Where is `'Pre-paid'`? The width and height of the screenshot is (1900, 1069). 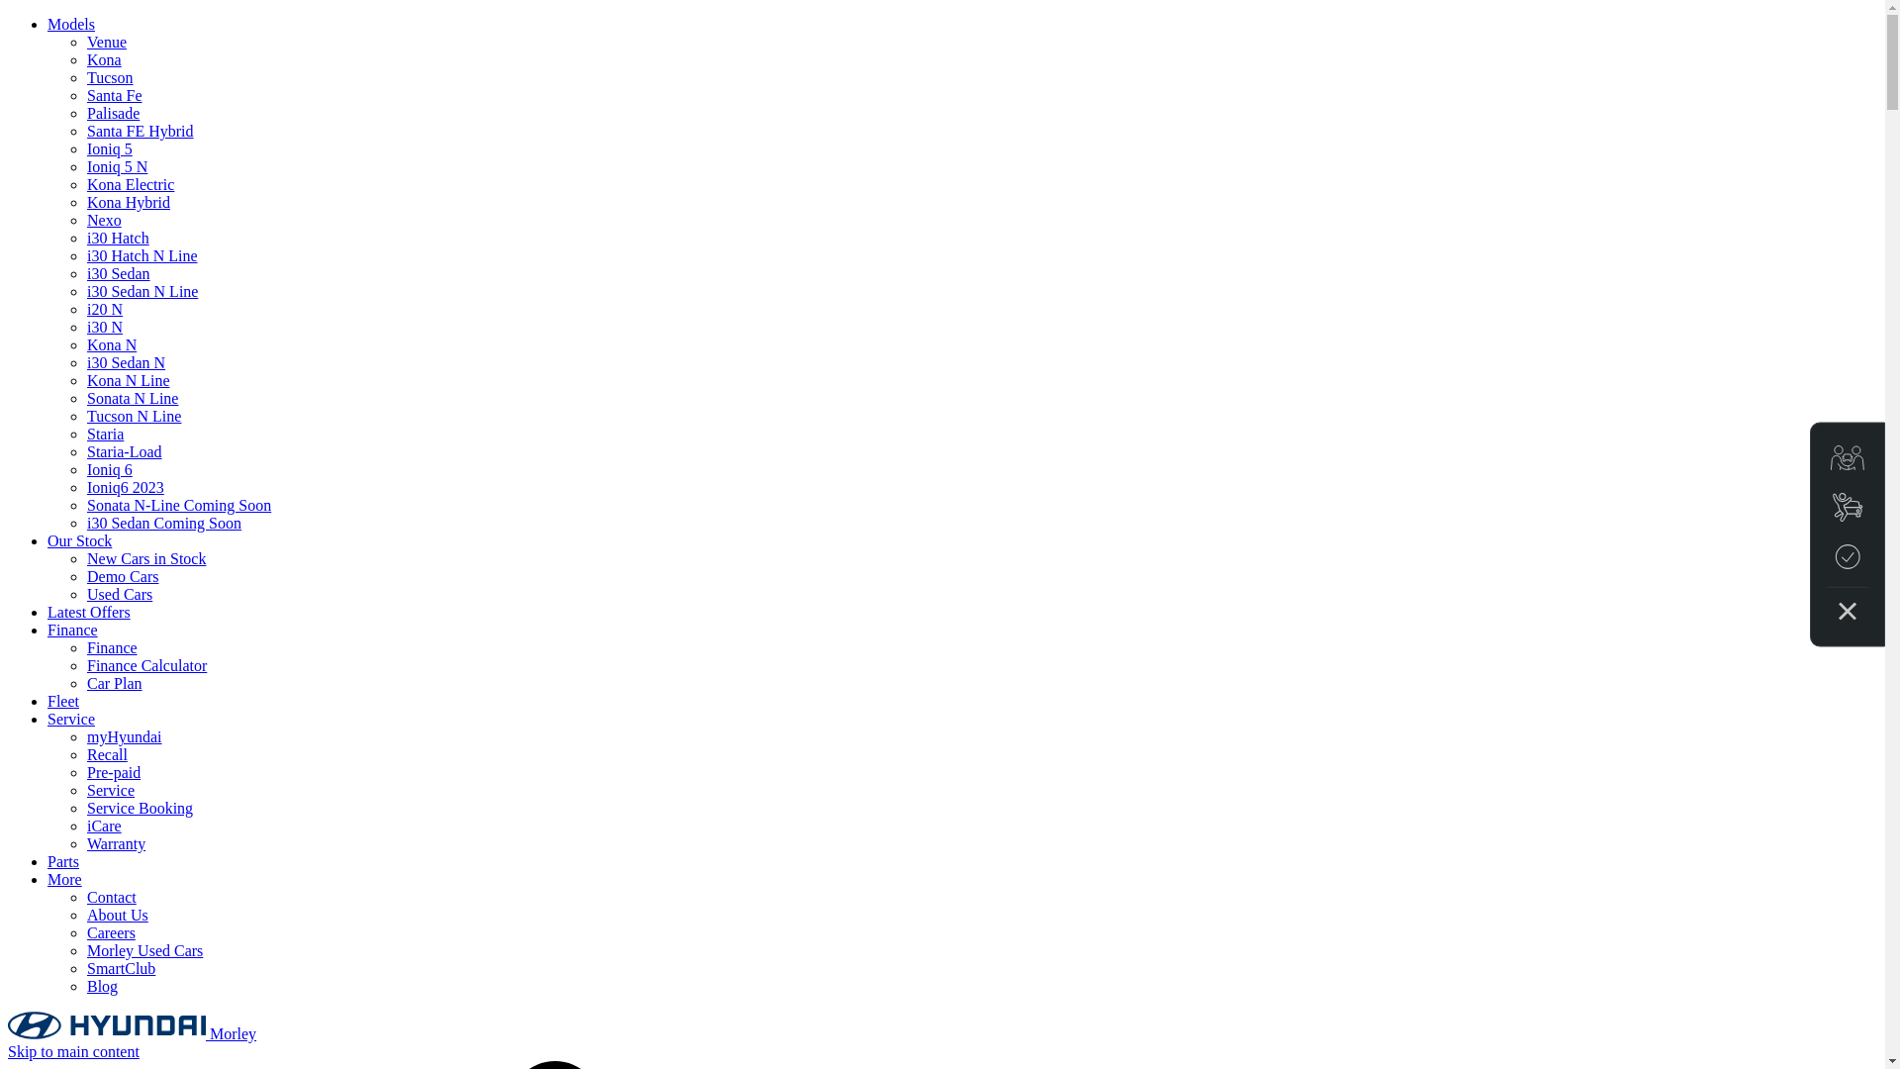
'Pre-paid' is located at coordinates (113, 771).